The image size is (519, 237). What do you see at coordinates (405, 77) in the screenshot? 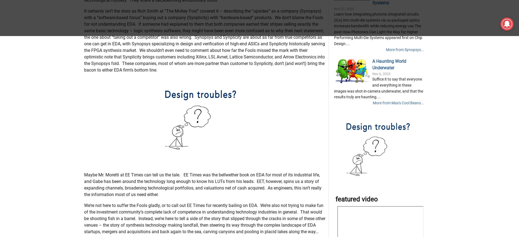
I see `'More from Synopsys...'` at bounding box center [405, 77].